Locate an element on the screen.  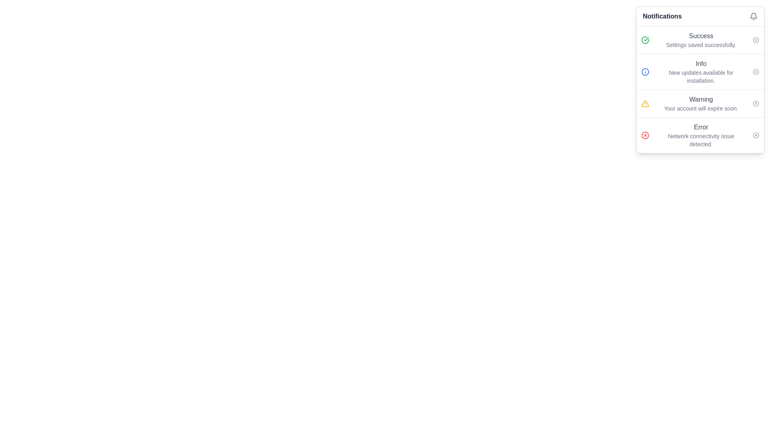
the Notification Component that displays 'Success' and 'Settings saved successfully.' is located at coordinates (700, 40).